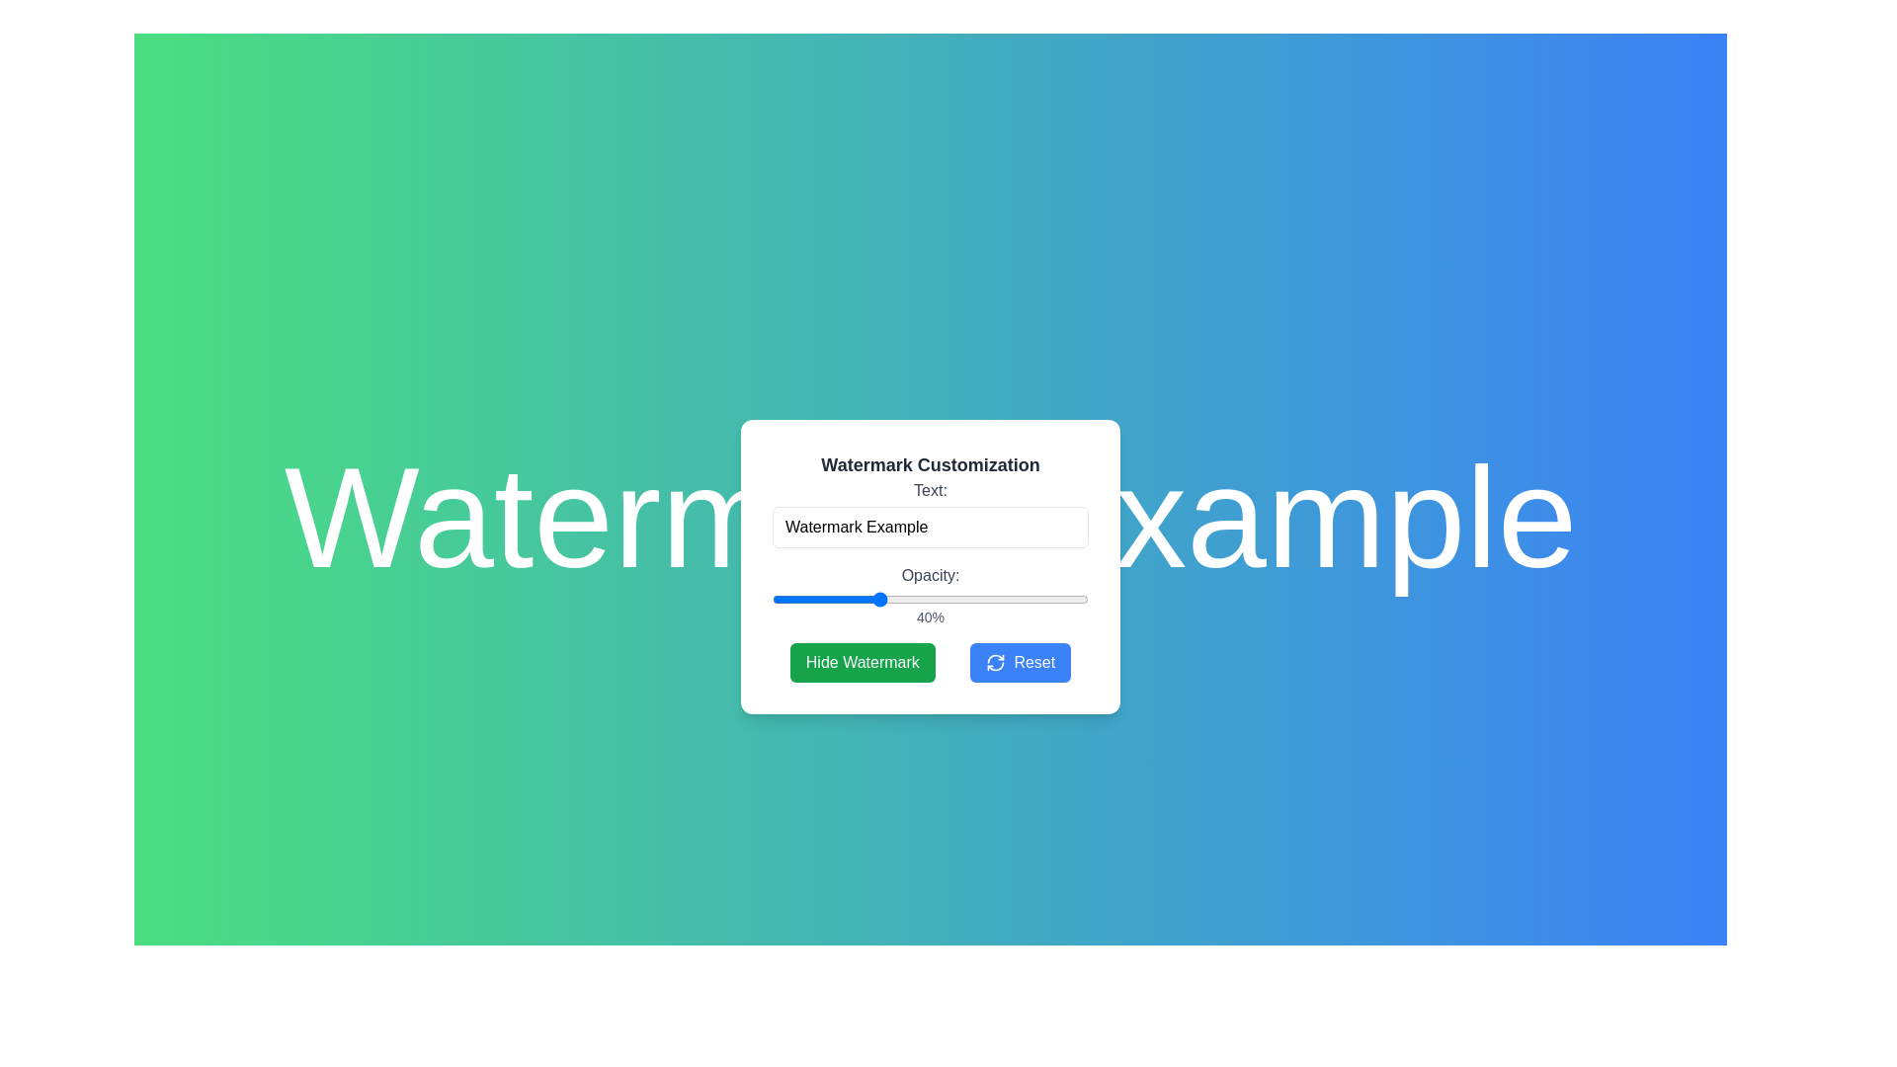 The height and width of the screenshot is (1067, 1897). Describe the element at coordinates (929, 489) in the screenshot. I see `the text label displaying 'Text:' in gray color, positioned above the input field labeled 'Watermark Example' in the center of the modal overlay` at that location.